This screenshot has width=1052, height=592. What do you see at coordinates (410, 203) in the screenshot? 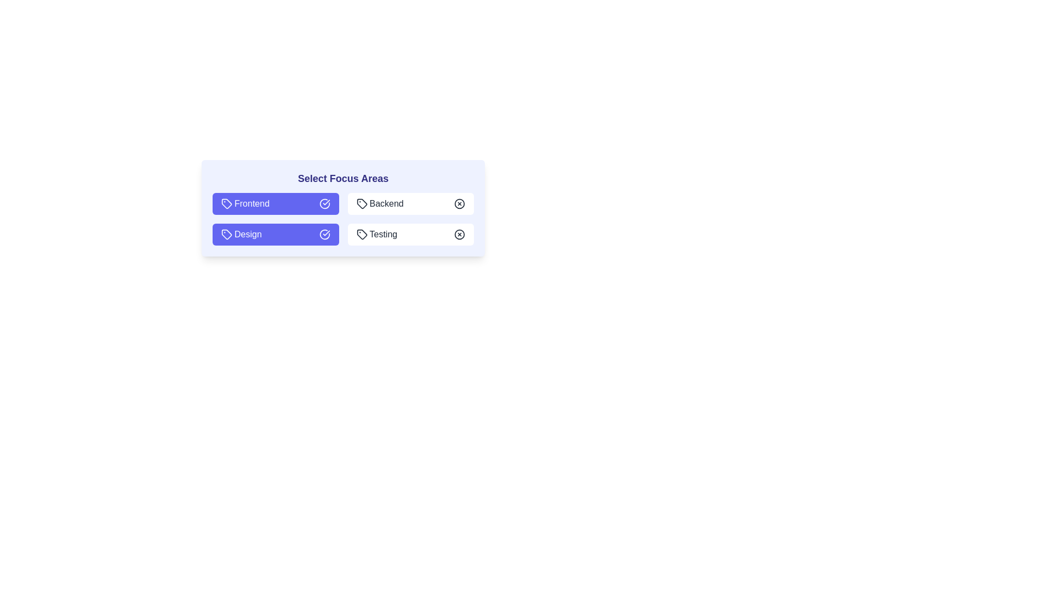
I see `the label Backend to toggle its selection state` at bounding box center [410, 203].